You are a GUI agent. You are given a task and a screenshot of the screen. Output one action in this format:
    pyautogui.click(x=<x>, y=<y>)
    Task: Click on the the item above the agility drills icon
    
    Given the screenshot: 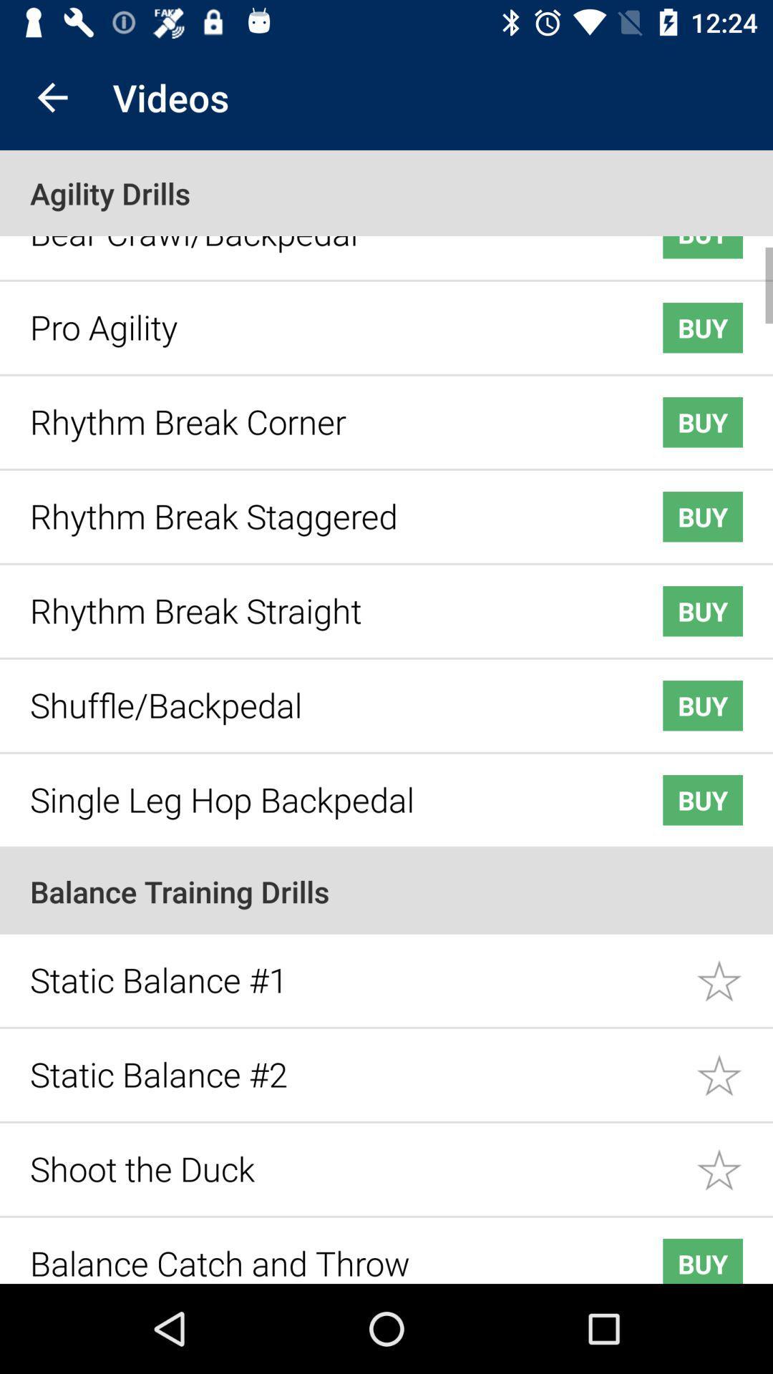 What is the action you would take?
    pyautogui.click(x=52, y=97)
    